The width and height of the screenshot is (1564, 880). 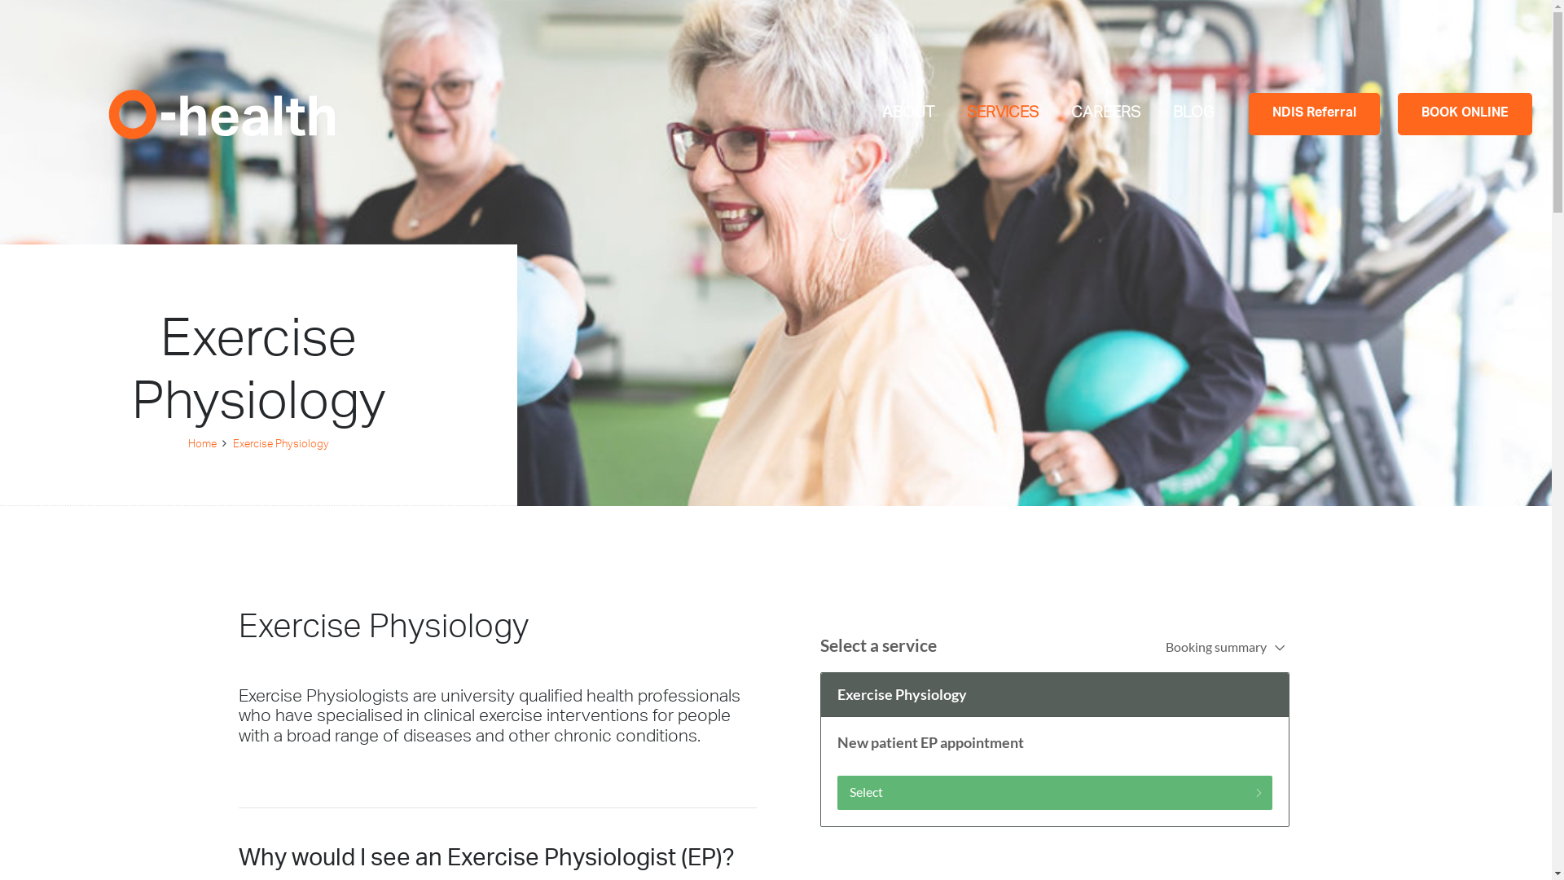 What do you see at coordinates (281, 445) in the screenshot?
I see `'Exercise Physiology'` at bounding box center [281, 445].